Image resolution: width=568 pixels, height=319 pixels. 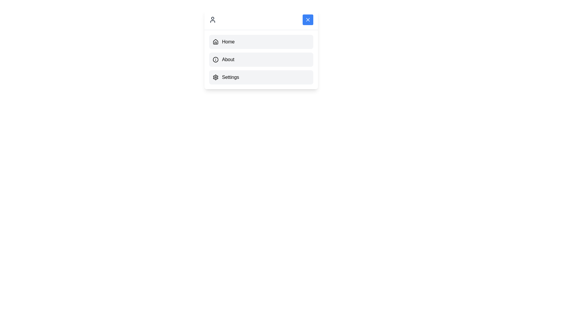 I want to click on the gear-shaped icon representing the settings option located within the 'Settings' button to interact with the settings, so click(x=215, y=77).